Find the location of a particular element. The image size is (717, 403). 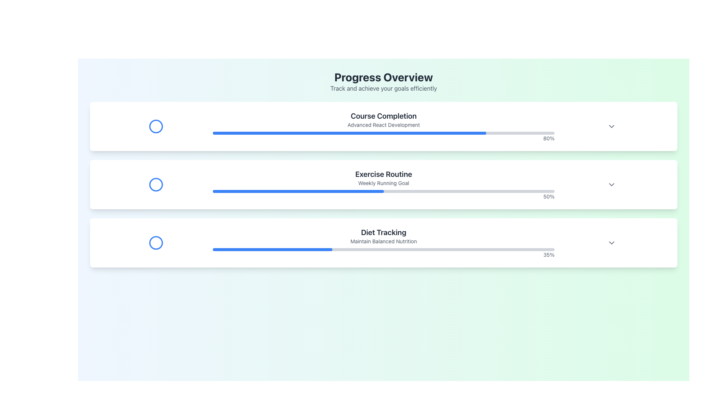

the percentage value displayed on the progress bar located beneath the 'Weekly Running Goal' subheader in the 'Exercise Routine' section to understand the progress achieved is located at coordinates (384, 195).